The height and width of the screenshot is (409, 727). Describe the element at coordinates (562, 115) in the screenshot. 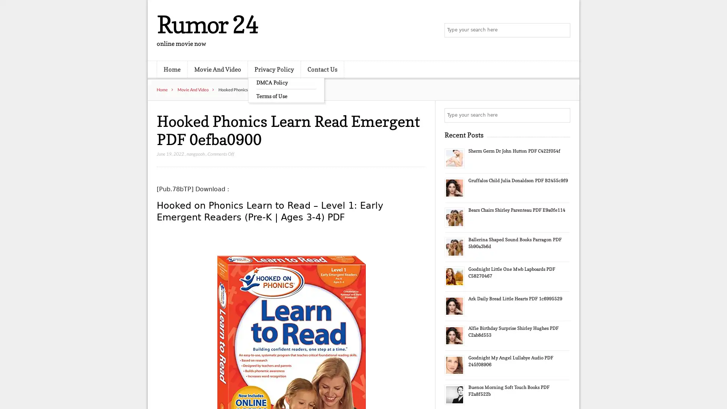

I see `Search` at that location.